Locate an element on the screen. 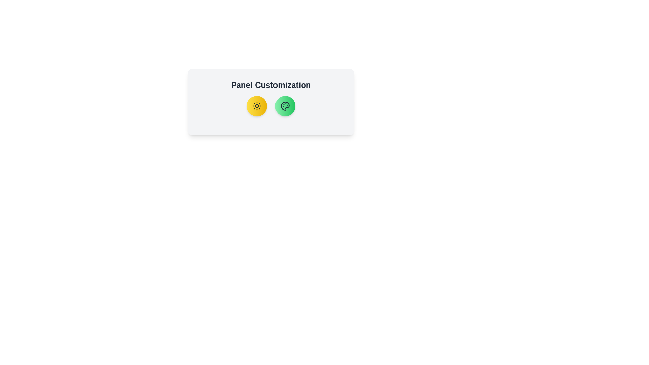 The image size is (649, 365). the color palette icon located centrally below the 'Panel Customization' title, which is the rightmost item among two circular buttons is located at coordinates (285, 106).